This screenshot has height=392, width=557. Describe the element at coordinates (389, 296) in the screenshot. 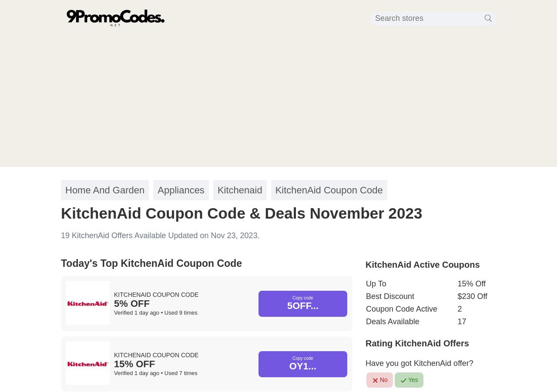

I see `'Best Discount'` at that location.